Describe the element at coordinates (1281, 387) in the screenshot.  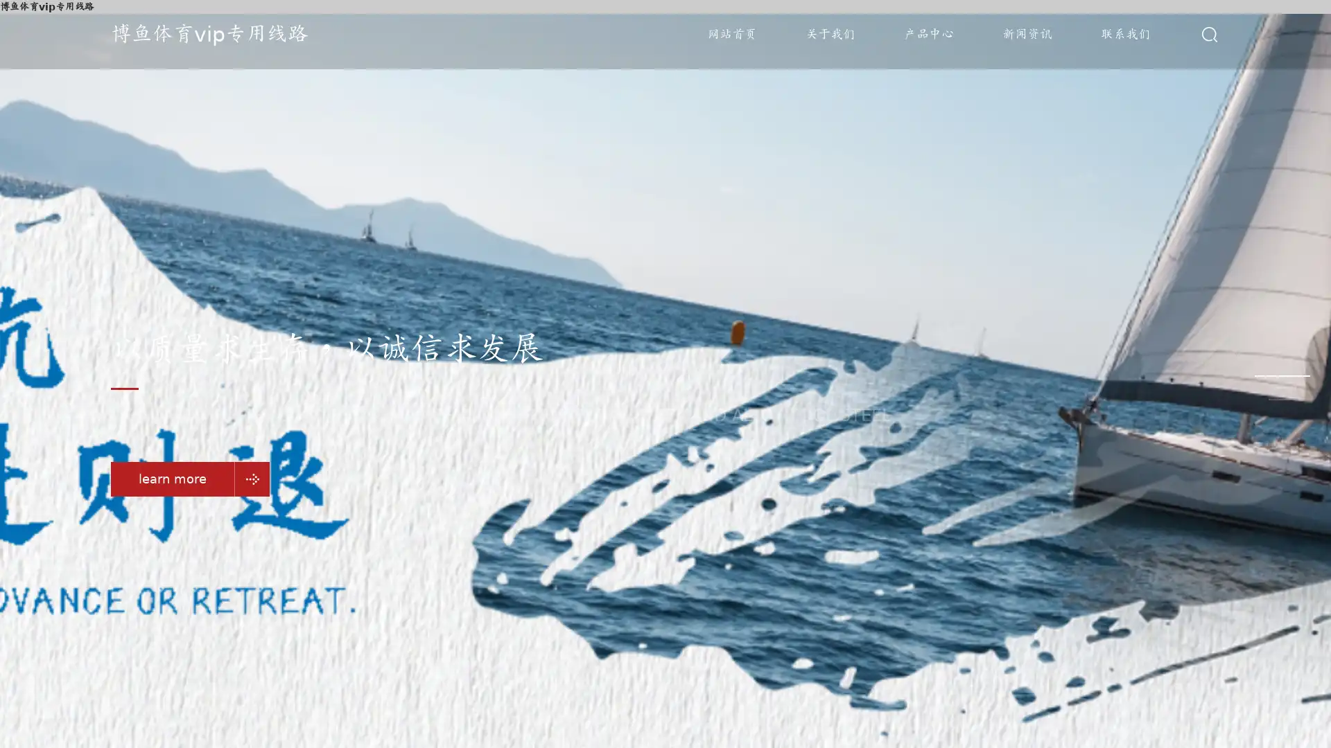
I see `Go to slide 2` at that location.